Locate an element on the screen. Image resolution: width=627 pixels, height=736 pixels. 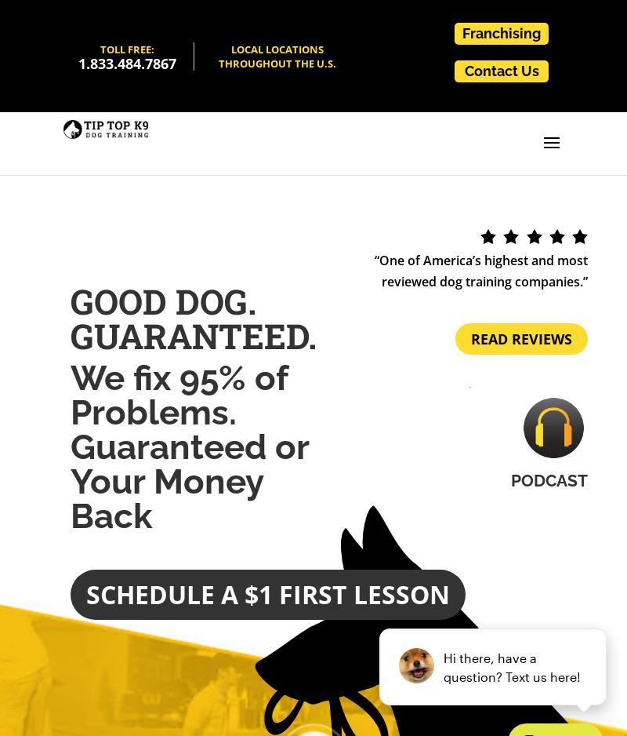
'“One of America’s highest and most reviewed dog training companies.”' is located at coordinates (481, 271).